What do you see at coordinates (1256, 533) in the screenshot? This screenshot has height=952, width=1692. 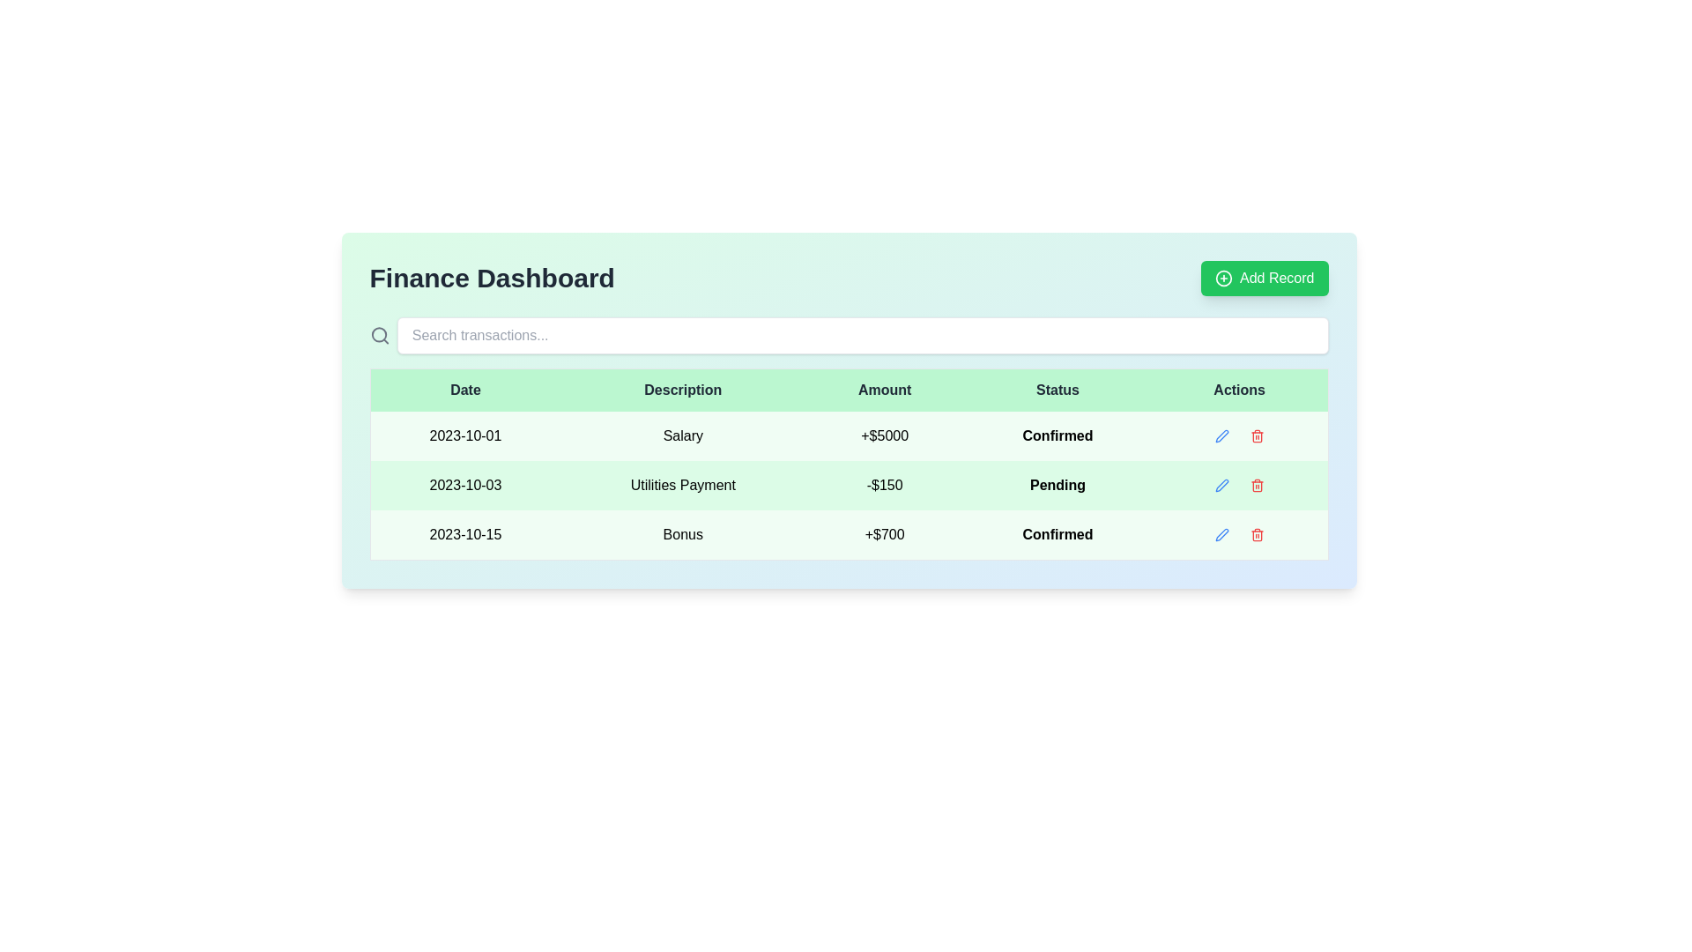 I see `the trash bin icon, which is red and represents the delete action, located in the 'Actions' column of the third row labeled '2023-10-15' with a 'Confirmed' status` at bounding box center [1256, 533].